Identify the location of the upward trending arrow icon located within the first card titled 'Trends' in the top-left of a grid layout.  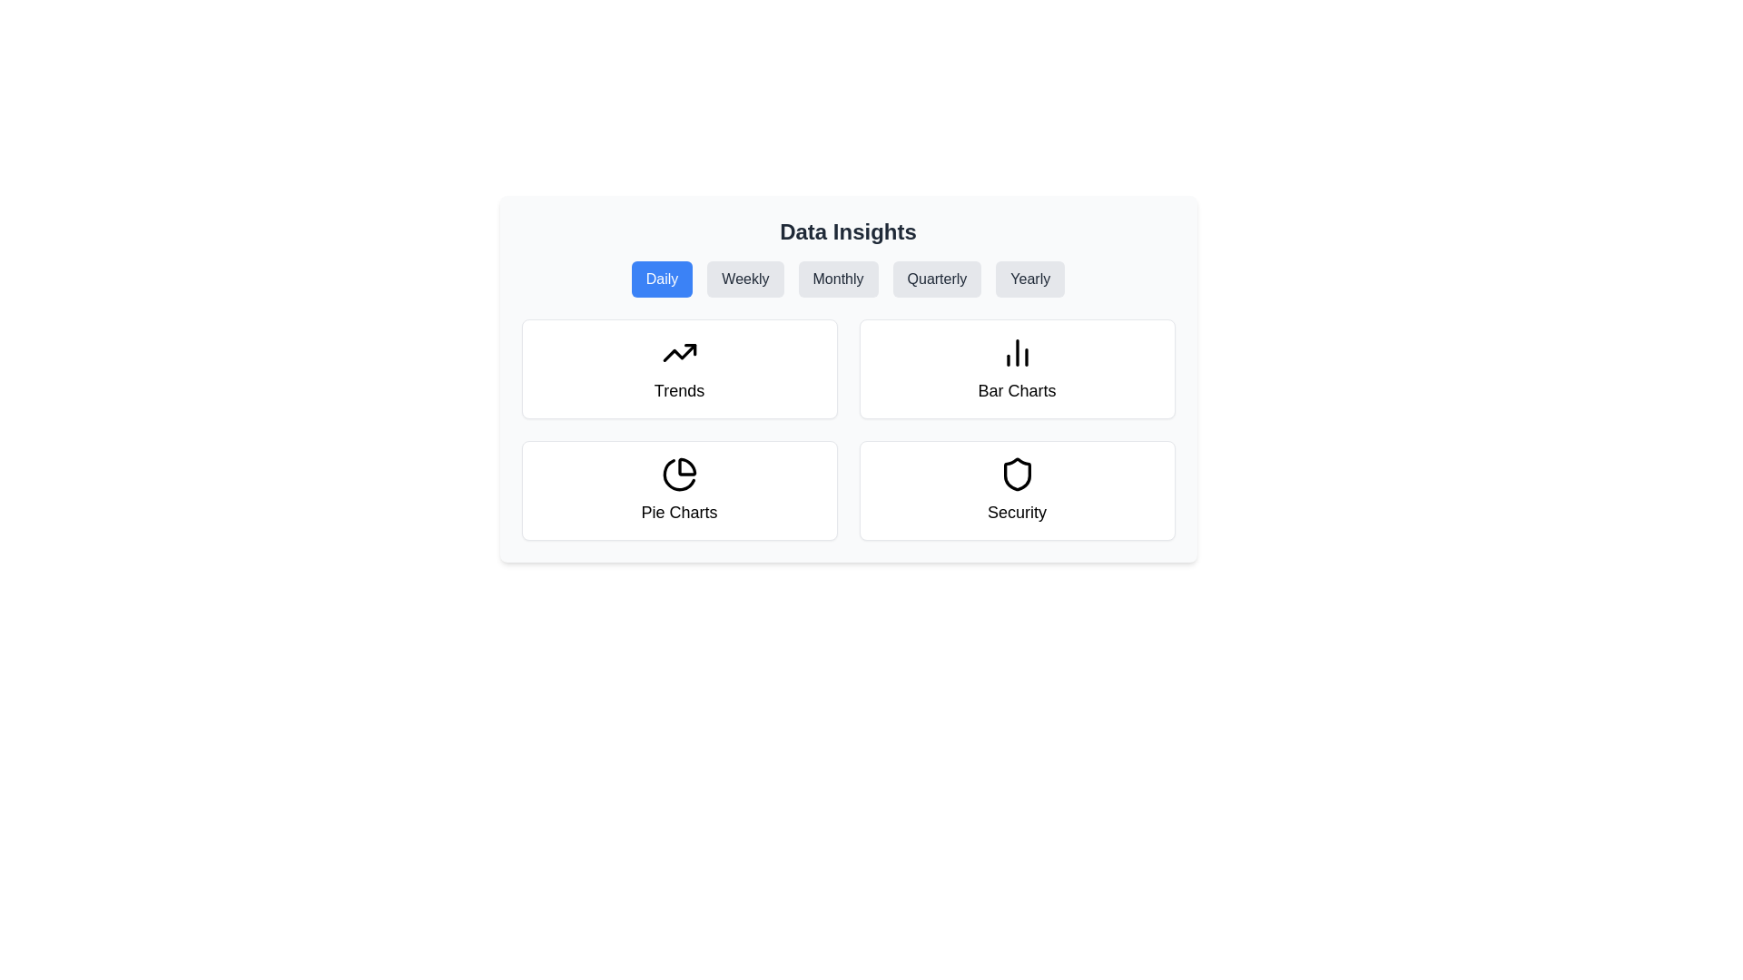
(678, 353).